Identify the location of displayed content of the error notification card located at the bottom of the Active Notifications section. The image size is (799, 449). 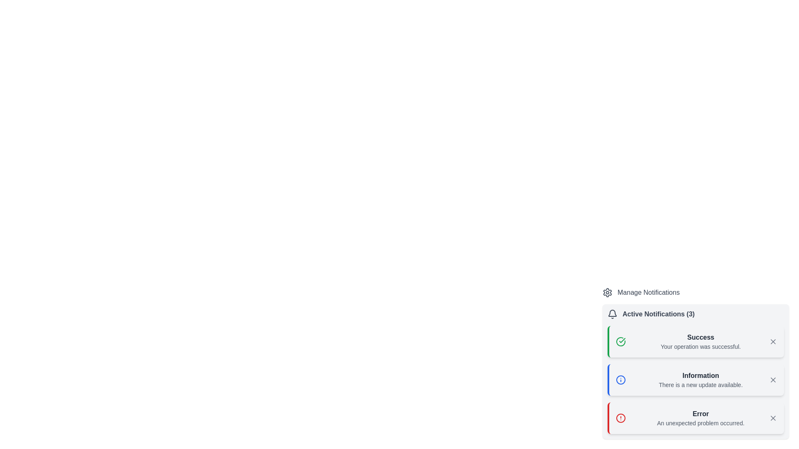
(695, 418).